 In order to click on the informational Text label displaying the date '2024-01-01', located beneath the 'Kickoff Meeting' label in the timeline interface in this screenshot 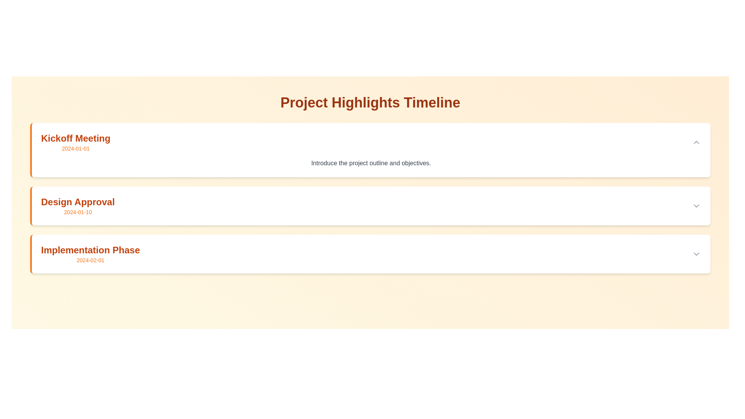, I will do `click(76, 148)`.